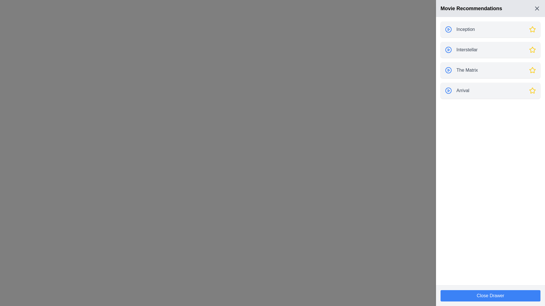 This screenshot has width=545, height=306. I want to click on the star-shaped icon button with a yellow outline located at the far-right end of the 'Interstellar' row in the 'Movie Recommendations' panel, so click(532, 49).